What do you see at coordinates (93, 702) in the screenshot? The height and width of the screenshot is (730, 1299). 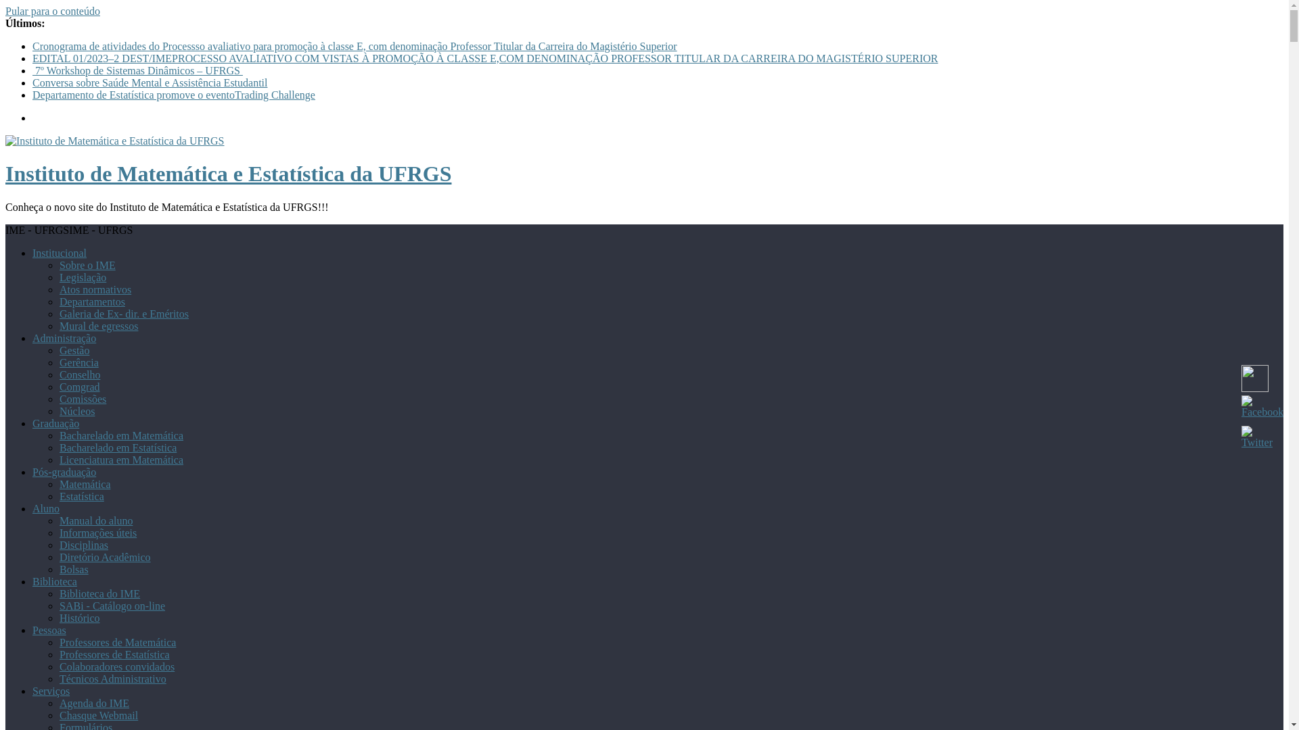 I see `'Agenda do IME'` at bounding box center [93, 702].